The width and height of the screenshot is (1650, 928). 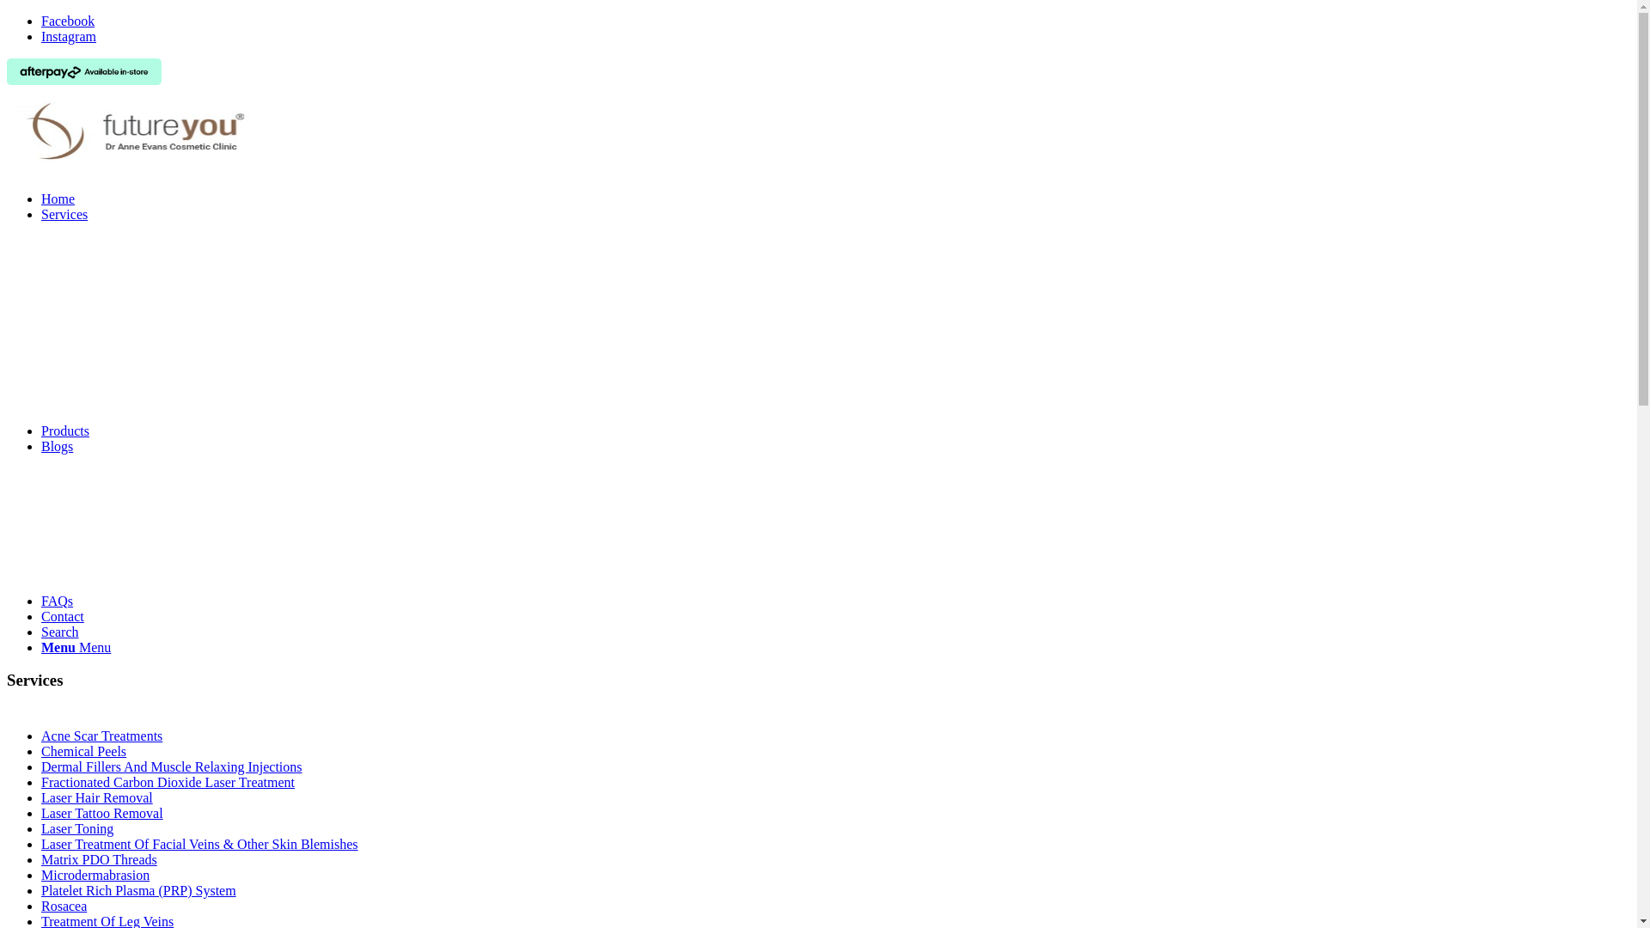 I want to click on 'Laser Tattoo Removal', so click(x=41, y=812).